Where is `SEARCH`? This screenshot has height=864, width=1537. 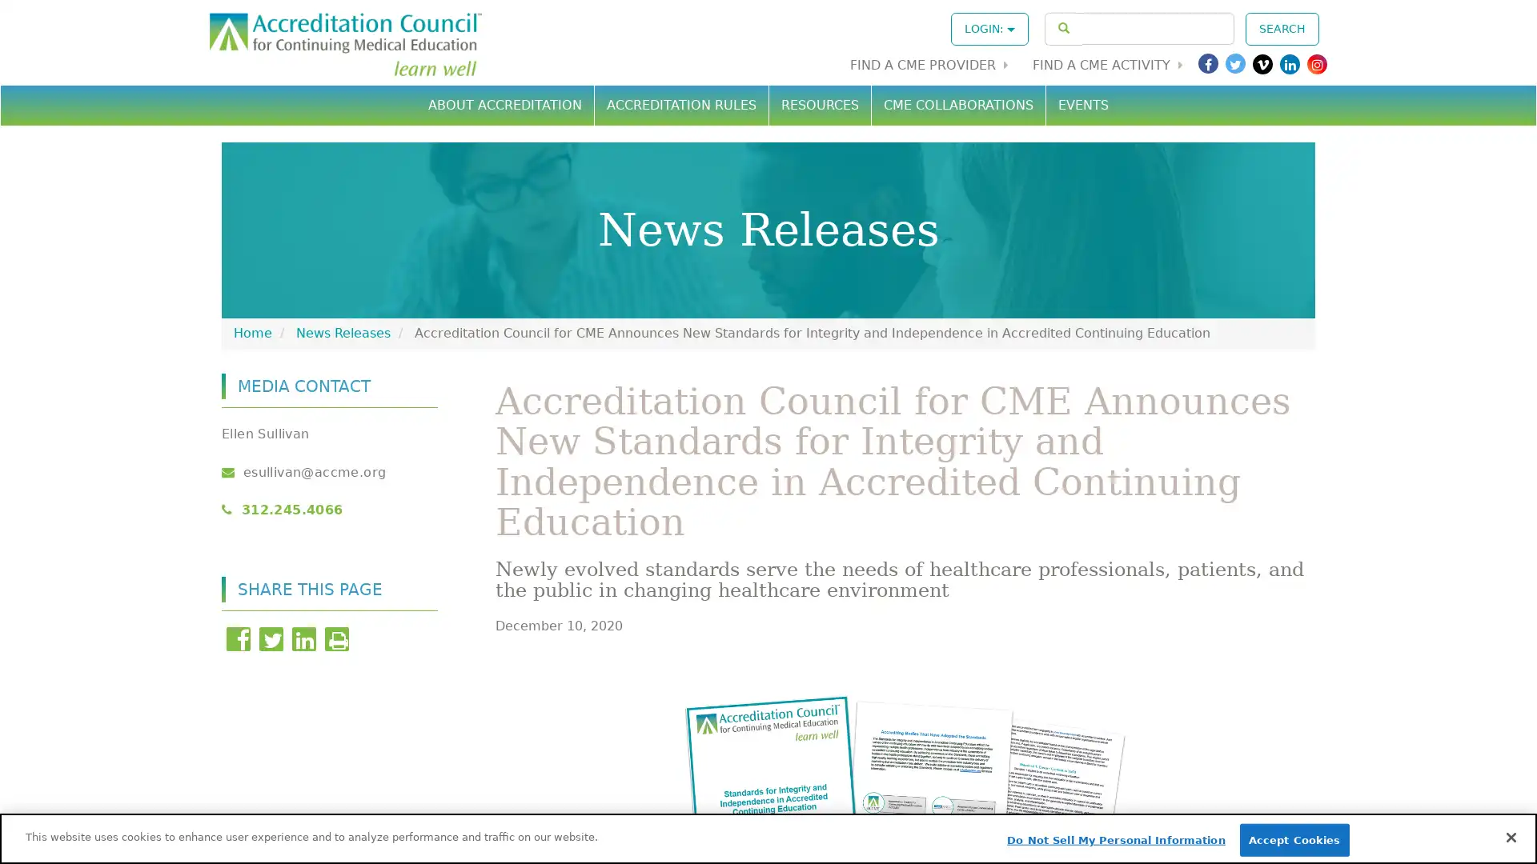
SEARCH is located at coordinates (1282, 28).